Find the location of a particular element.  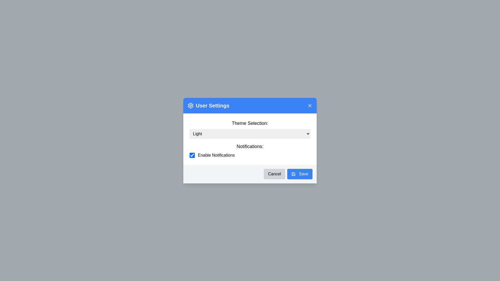

the 'Cancel' button with a gray background and rounded corners located in the bottom section of the dialog is located at coordinates (274, 174).